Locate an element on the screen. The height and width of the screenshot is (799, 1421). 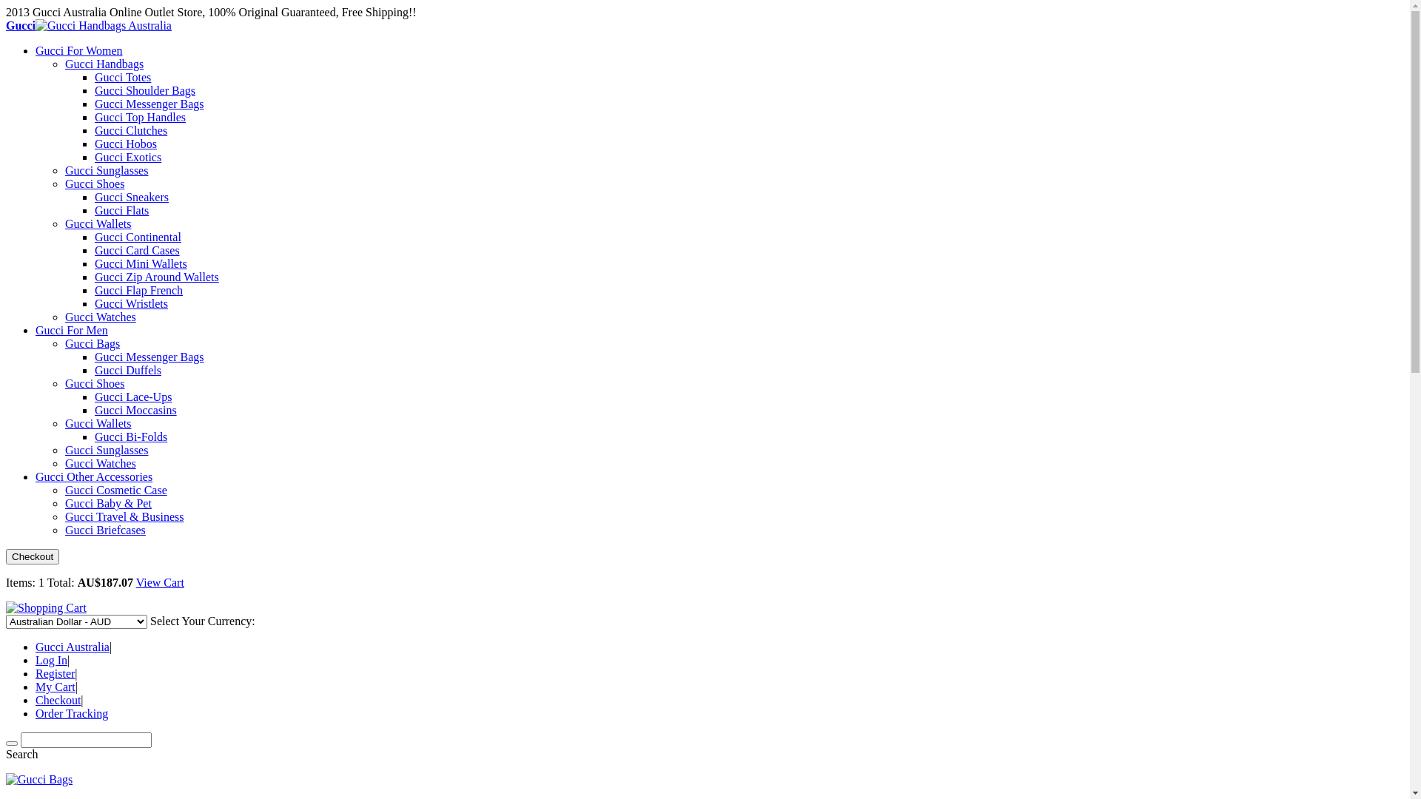
'Gucci Australia' is located at coordinates (71, 646).